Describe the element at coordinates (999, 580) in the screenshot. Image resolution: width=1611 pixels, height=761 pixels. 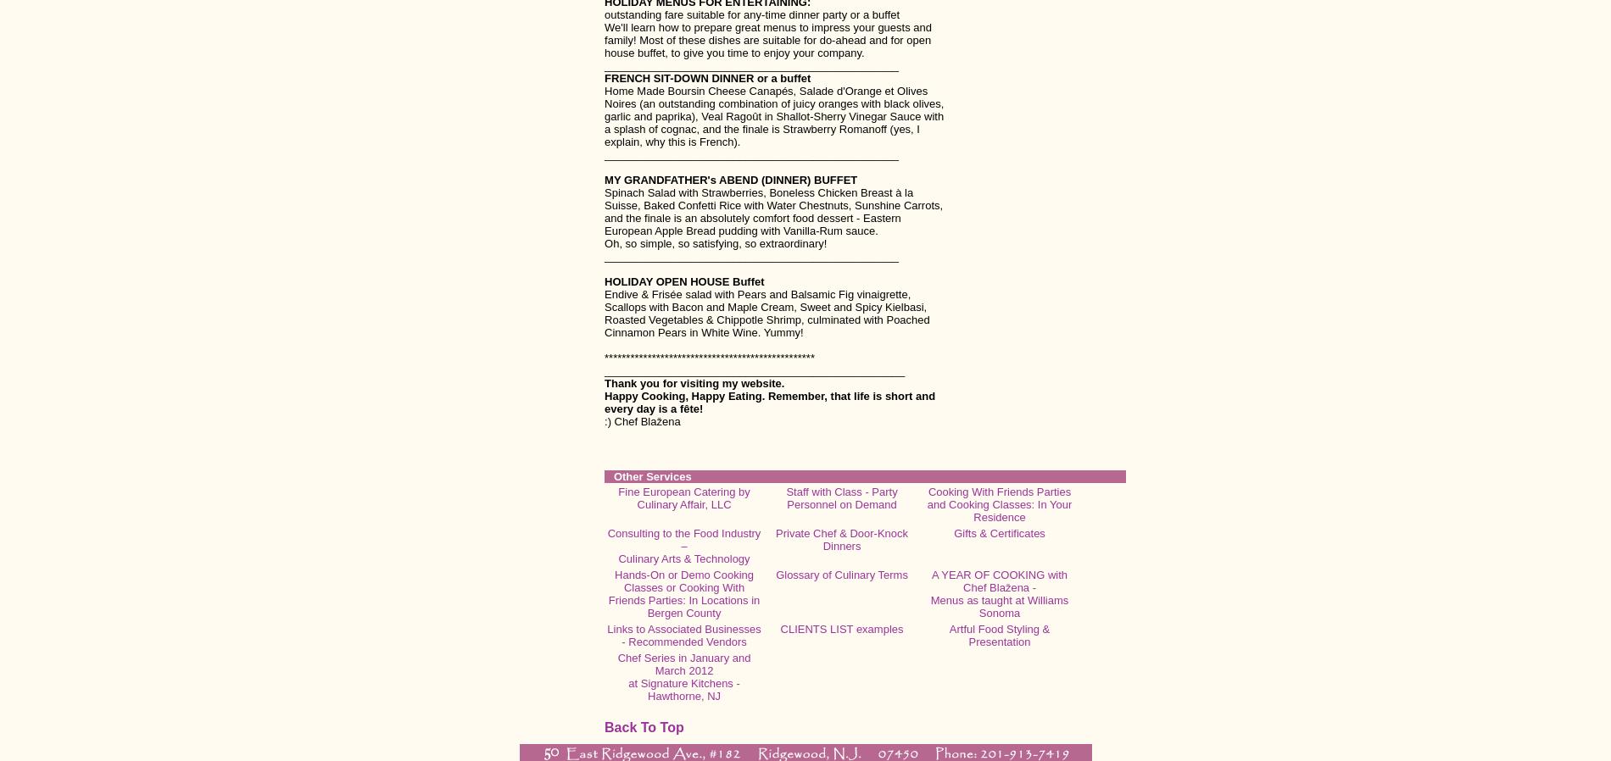
I see `'A YEAR OF COOKING with Chef Blažena -'` at that location.